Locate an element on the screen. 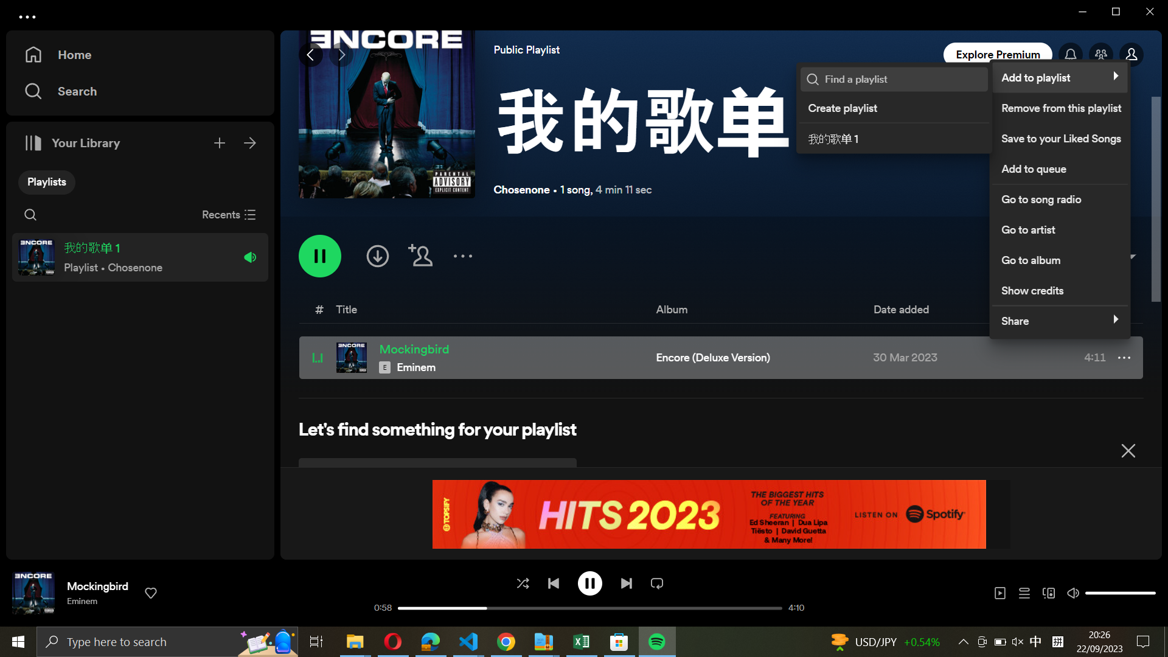 The width and height of the screenshot is (1168, 657). Play the next song is located at coordinates (625, 582).